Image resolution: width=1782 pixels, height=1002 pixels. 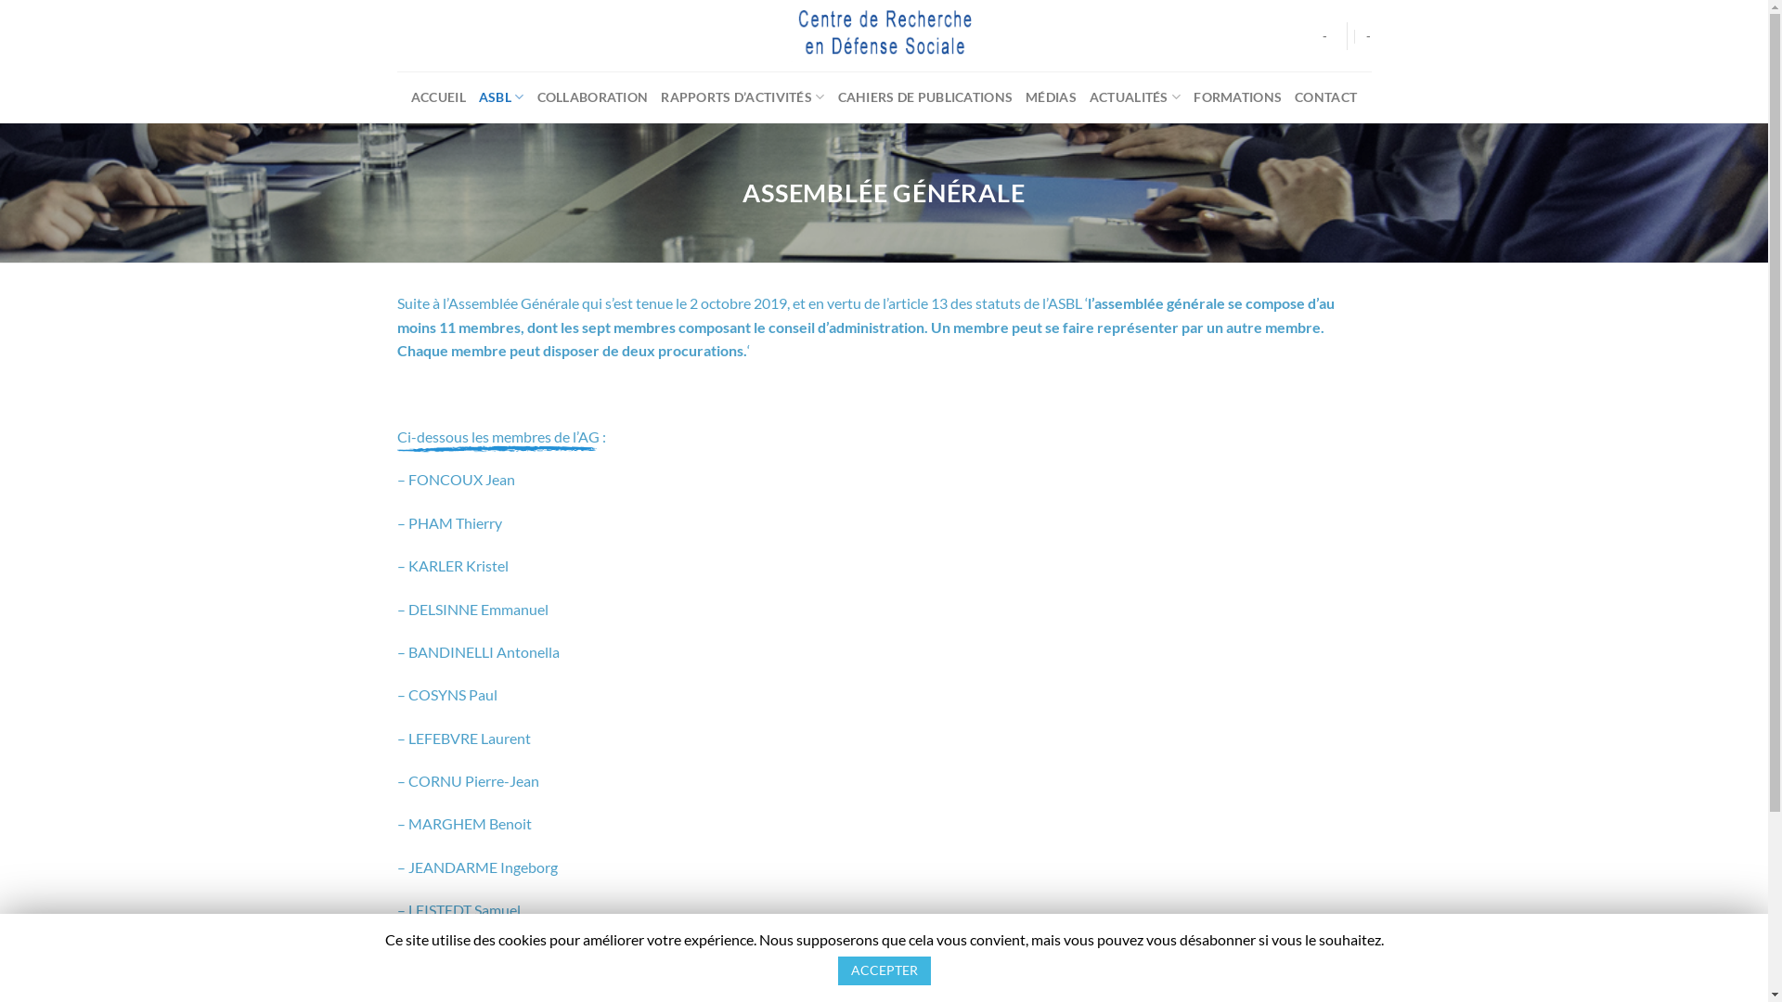 I want to click on 'CONTACT', so click(x=1324, y=96).